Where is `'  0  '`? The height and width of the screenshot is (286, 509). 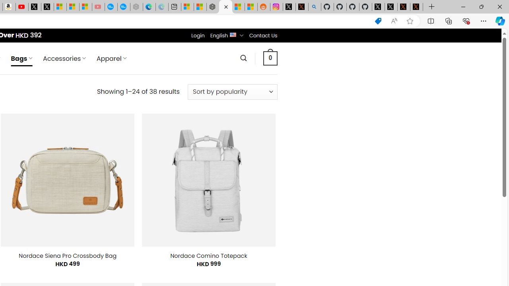 '  0  ' is located at coordinates (270, 58).